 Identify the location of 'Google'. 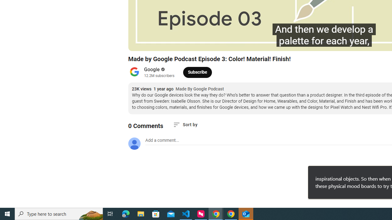
(152, 69).